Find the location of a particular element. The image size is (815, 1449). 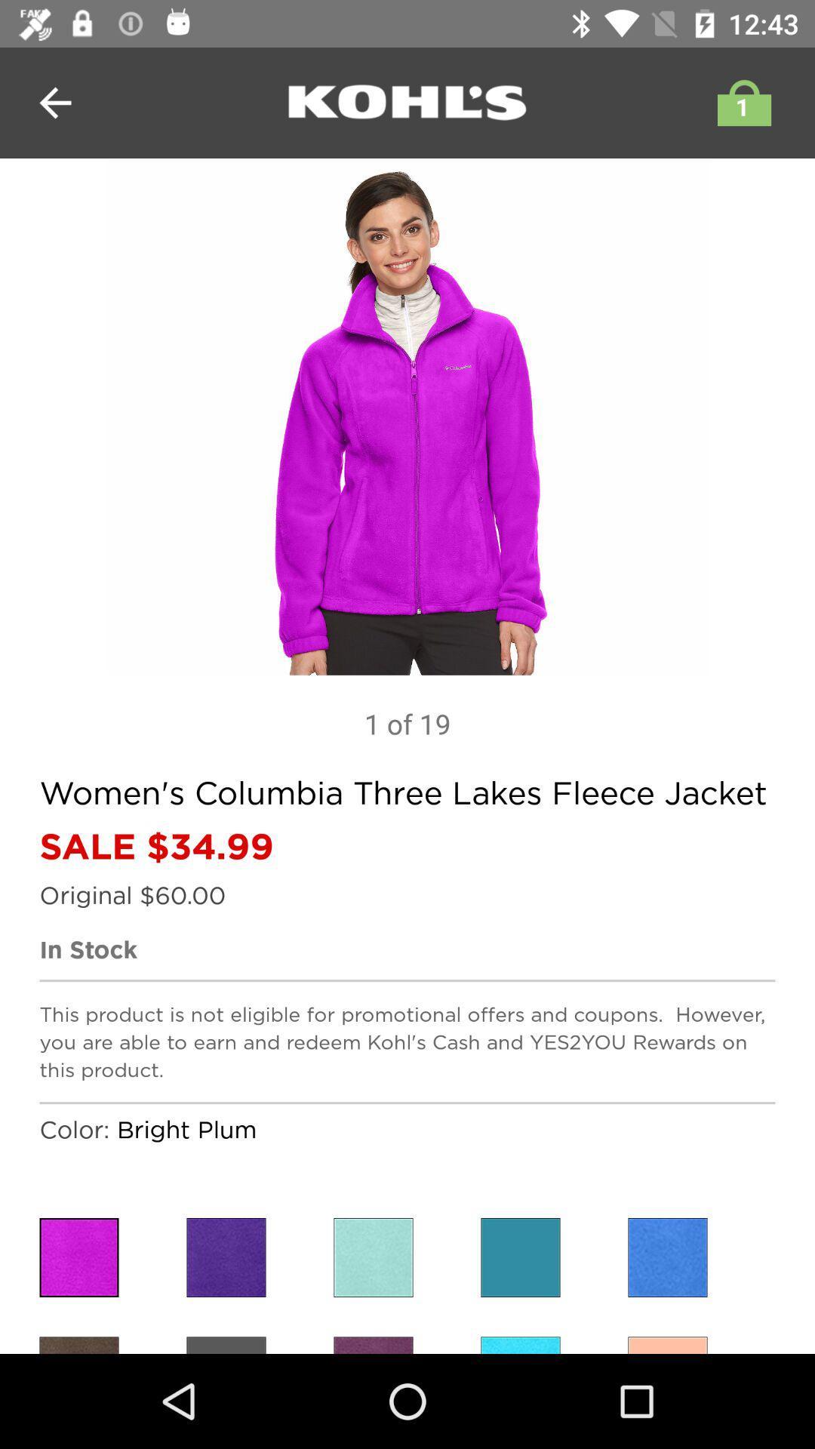

app above 1 of 19 item is located at coordinates (407, 417).